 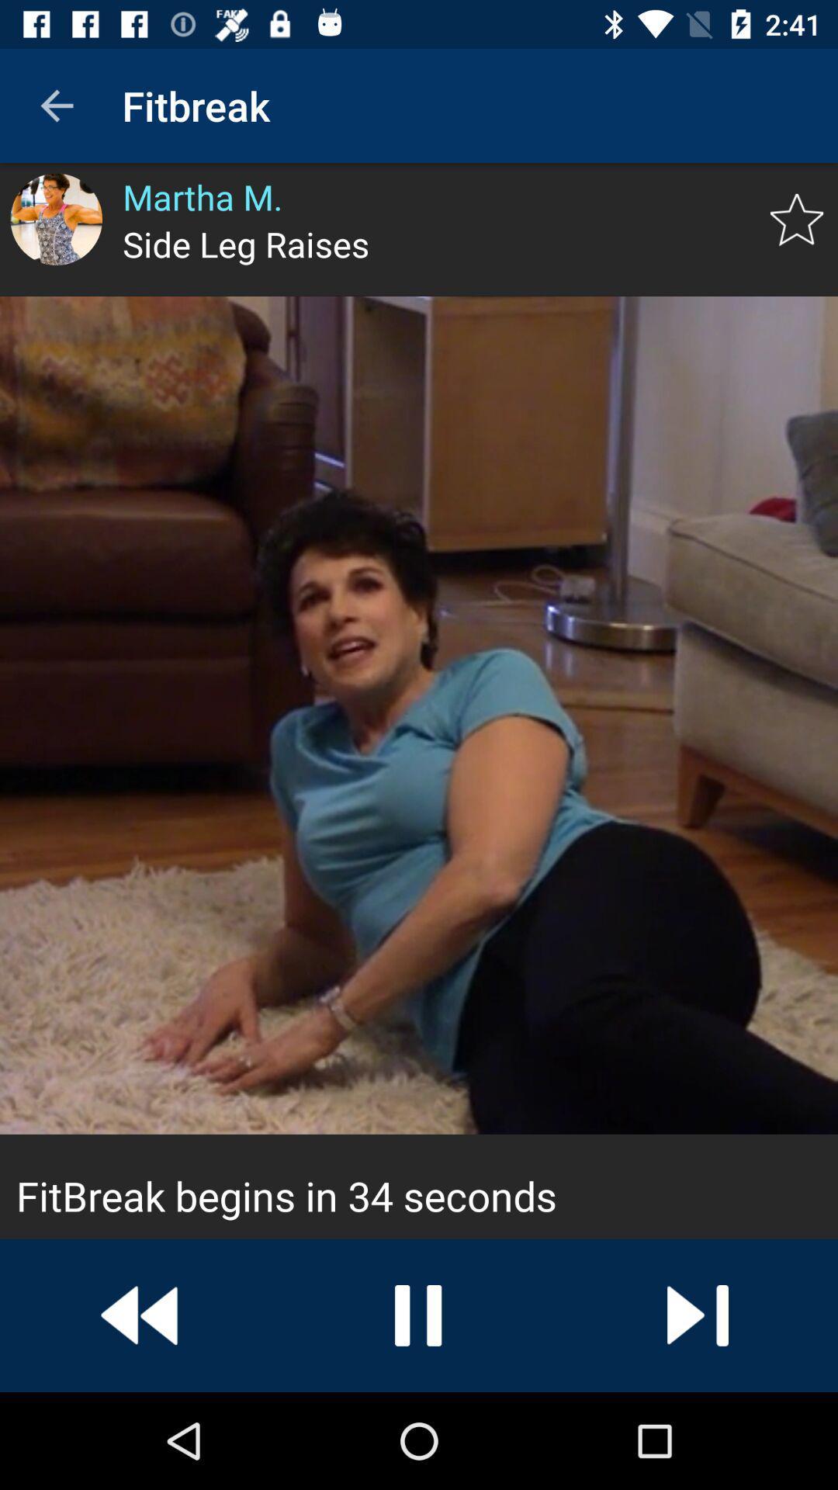 I want to click on go back, so click(x=140, y=1315).